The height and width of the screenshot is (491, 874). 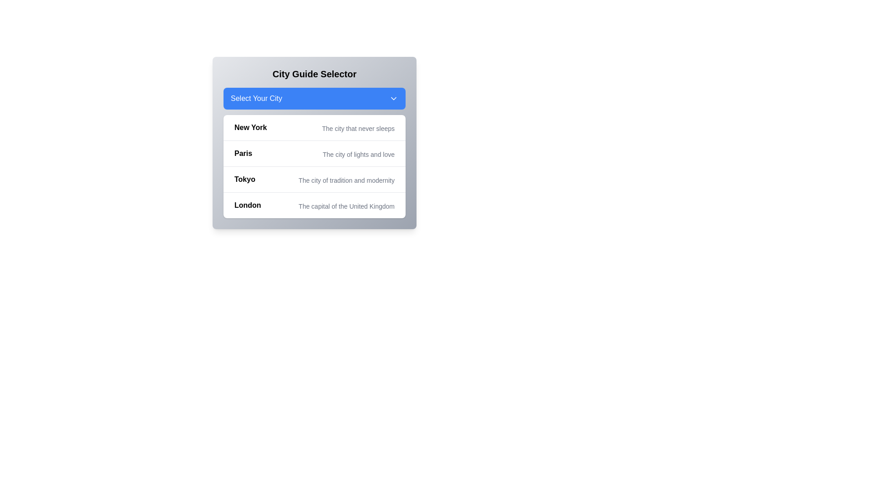 What do you see at coordinates (315, 205) in the screenshot?
I see `the List Item that displays 'London' with a bold label and a description stating 'The capital of the United Kingdom'` at bounding box center [315, 205].